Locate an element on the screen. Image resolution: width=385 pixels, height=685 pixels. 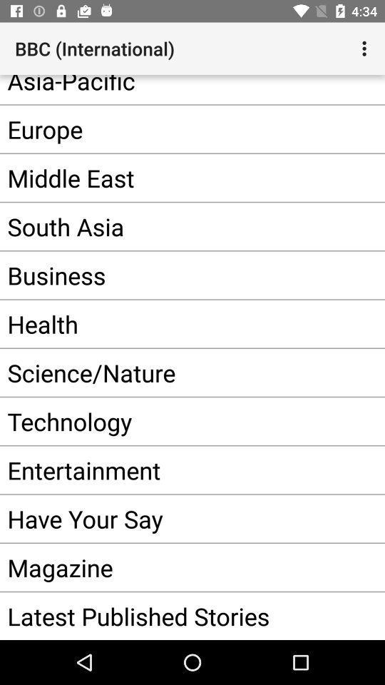
the item below south asia app is located at coordinates (170, 274).